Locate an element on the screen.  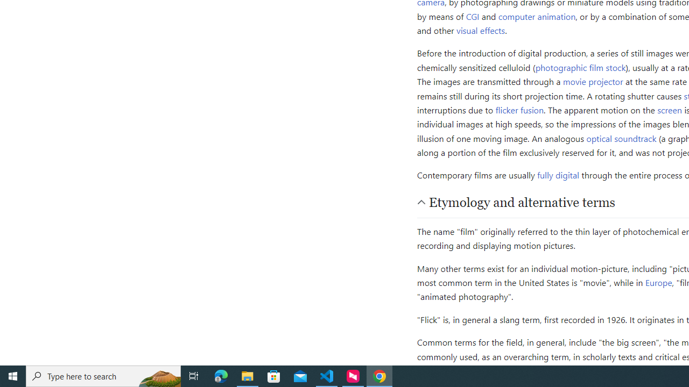
'fully digital' is located at coordinates (558, 175).